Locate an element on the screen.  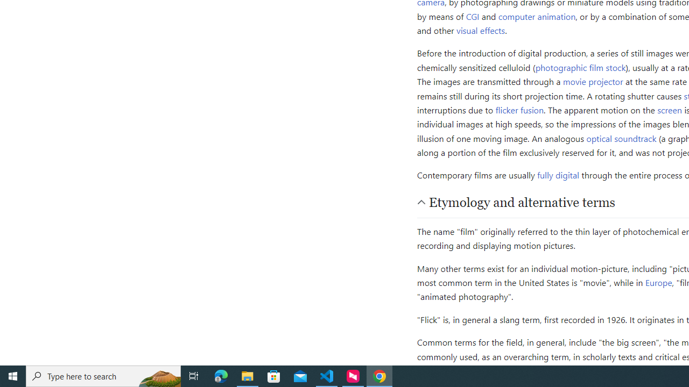
'fully digital' is located at coordinates (558, 175).